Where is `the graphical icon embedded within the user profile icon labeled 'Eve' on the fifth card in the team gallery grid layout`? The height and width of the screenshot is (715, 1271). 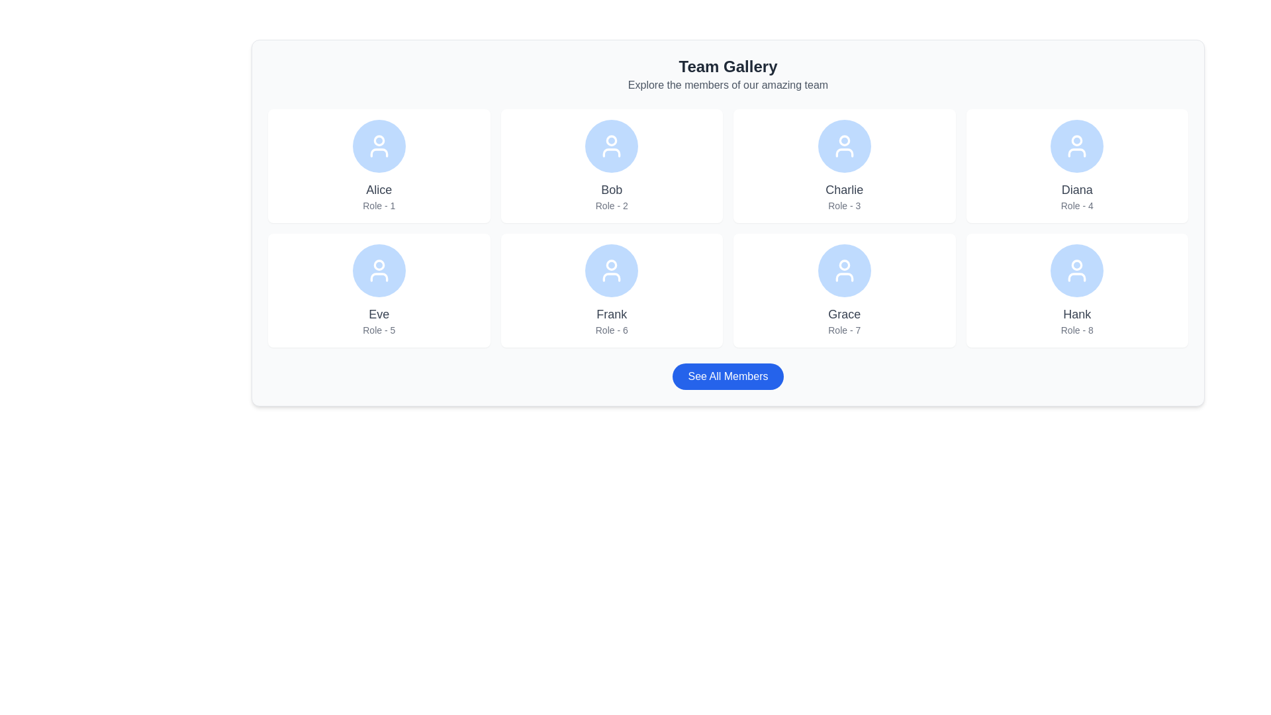 the graphical icon embedded within the user profile icon labeled 'Eve' on the fifth card in the team gallery grid layout is located at coordinates (378, 265).